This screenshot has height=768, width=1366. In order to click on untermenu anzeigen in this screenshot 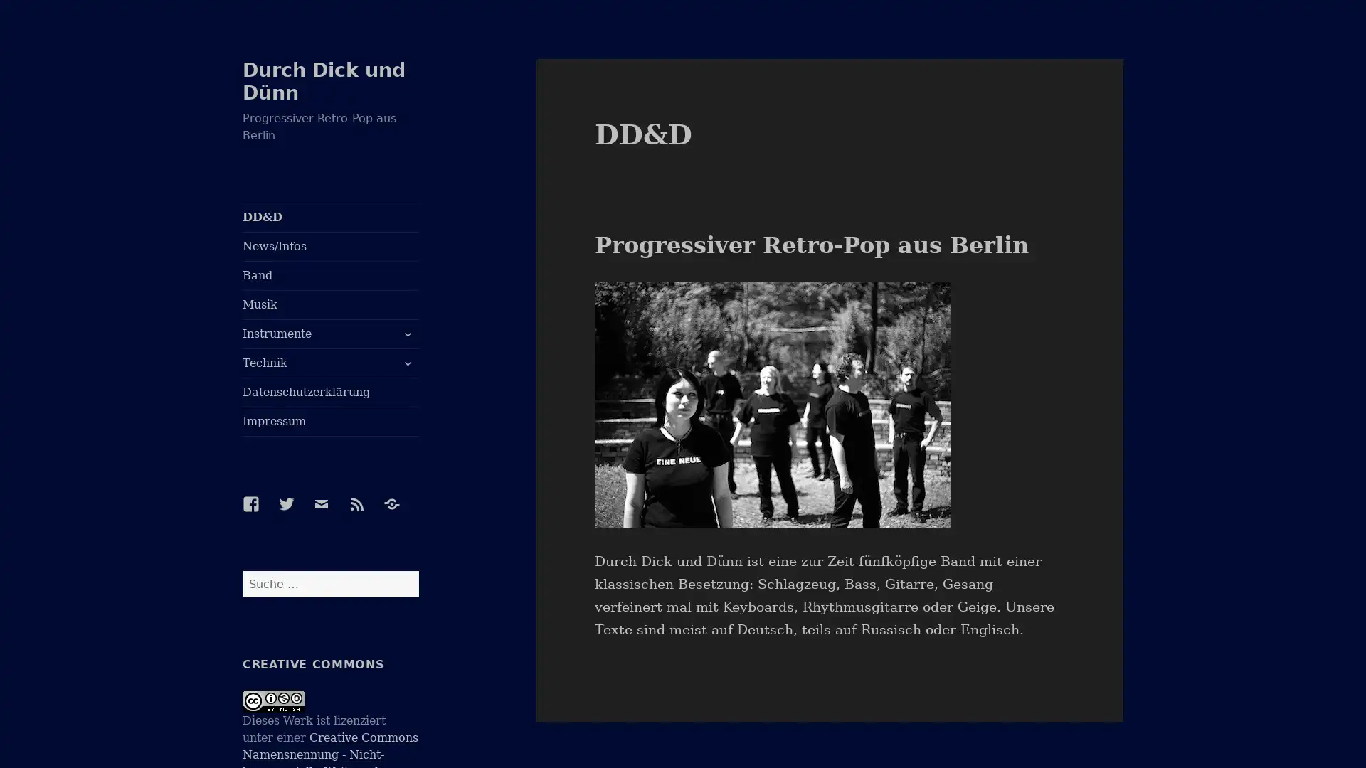, I will do `click(406, 334)`.